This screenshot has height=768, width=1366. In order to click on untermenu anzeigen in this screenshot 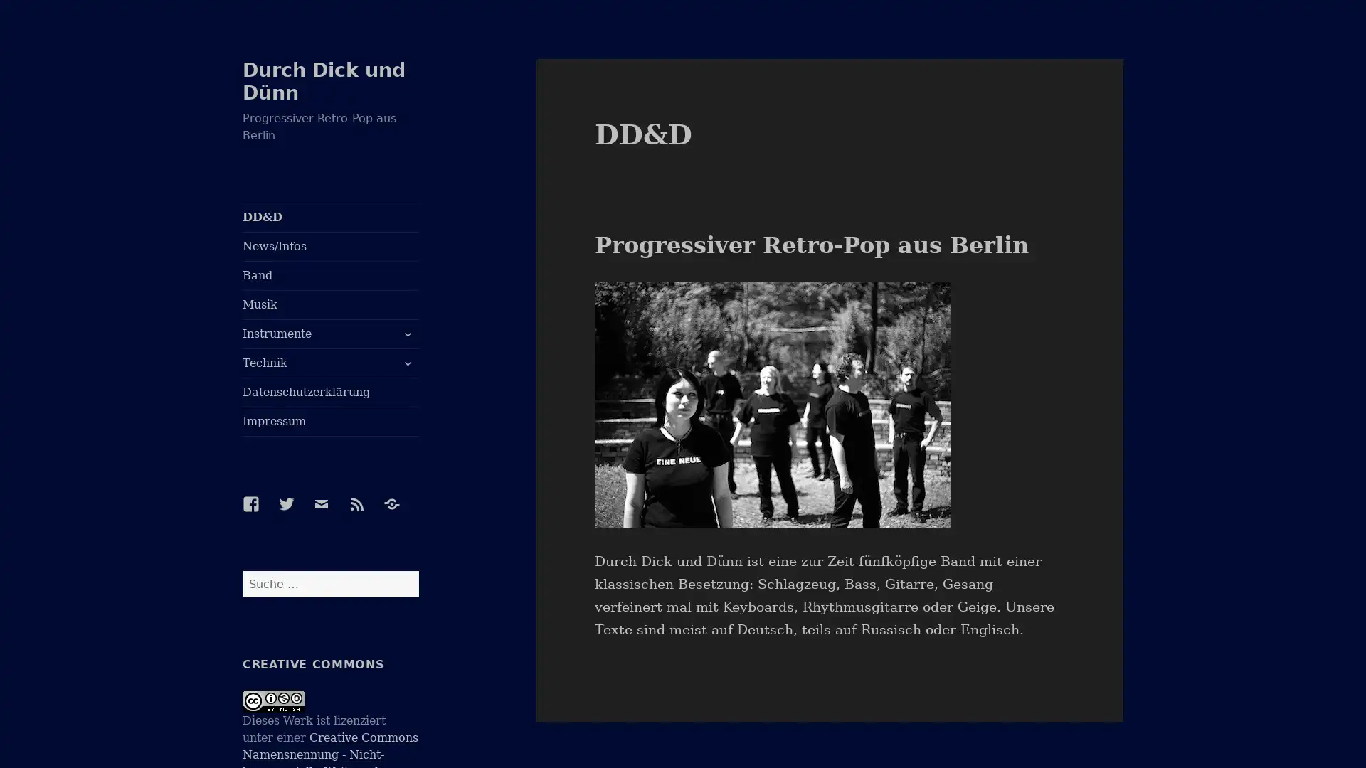, I will do `click(406, 334)`.